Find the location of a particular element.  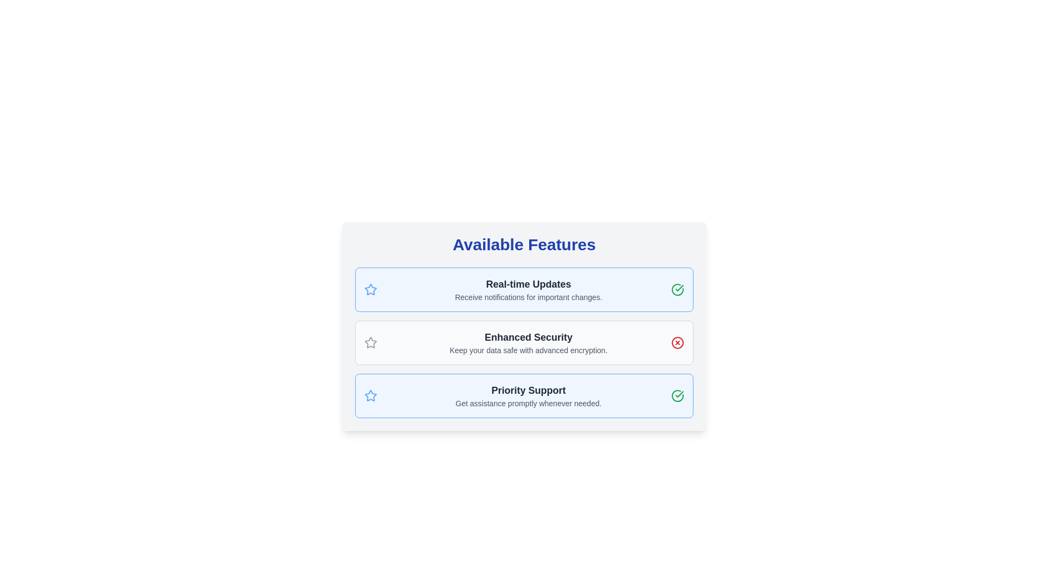

the Informational Section titled 'Priority Support', which has a blue border, a blue star icon on the left, a bold title in the center, and a green checkmark icon on the right is located at coordinates (524, 396).